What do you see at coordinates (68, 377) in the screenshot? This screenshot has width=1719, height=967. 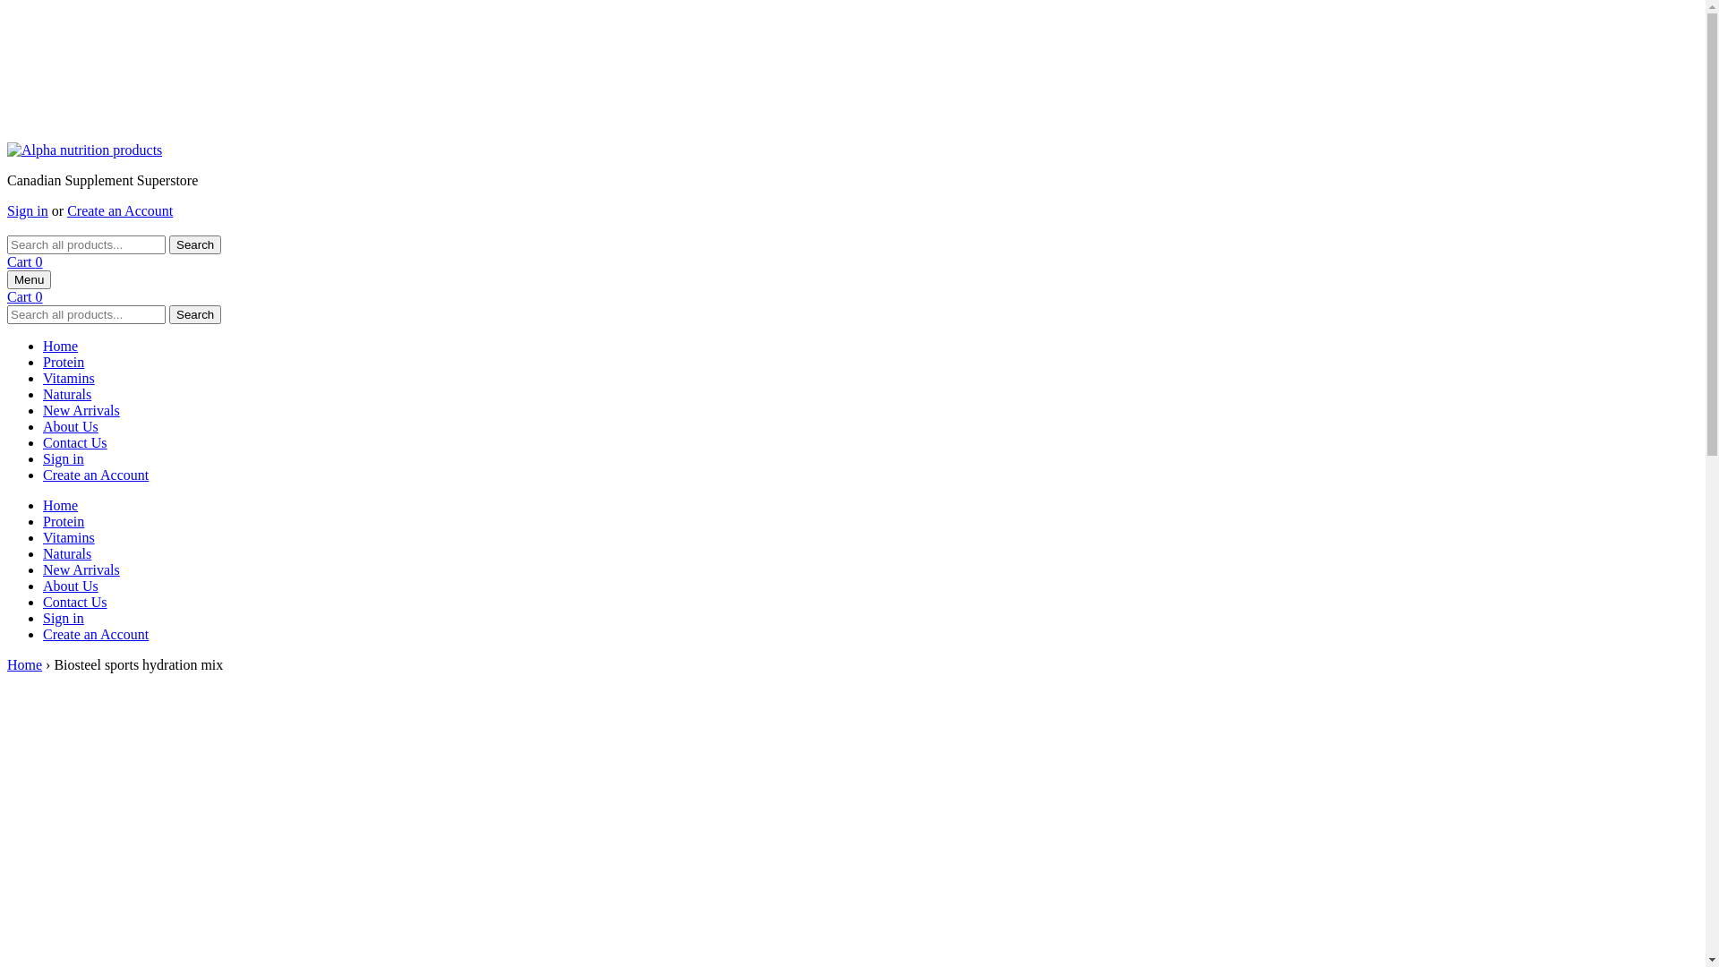 I see `'Vitamins'` at bounding box center [68, 377].